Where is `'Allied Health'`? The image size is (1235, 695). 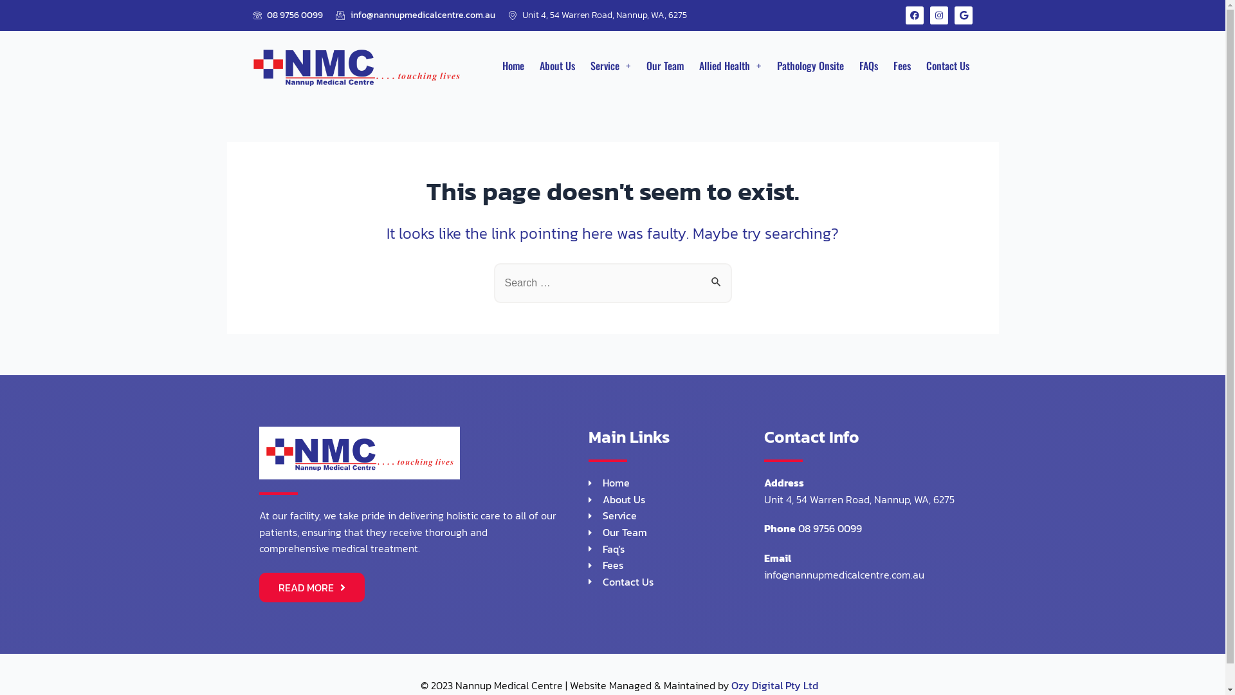 'Allied Health' is located at coordinates (691, 65).